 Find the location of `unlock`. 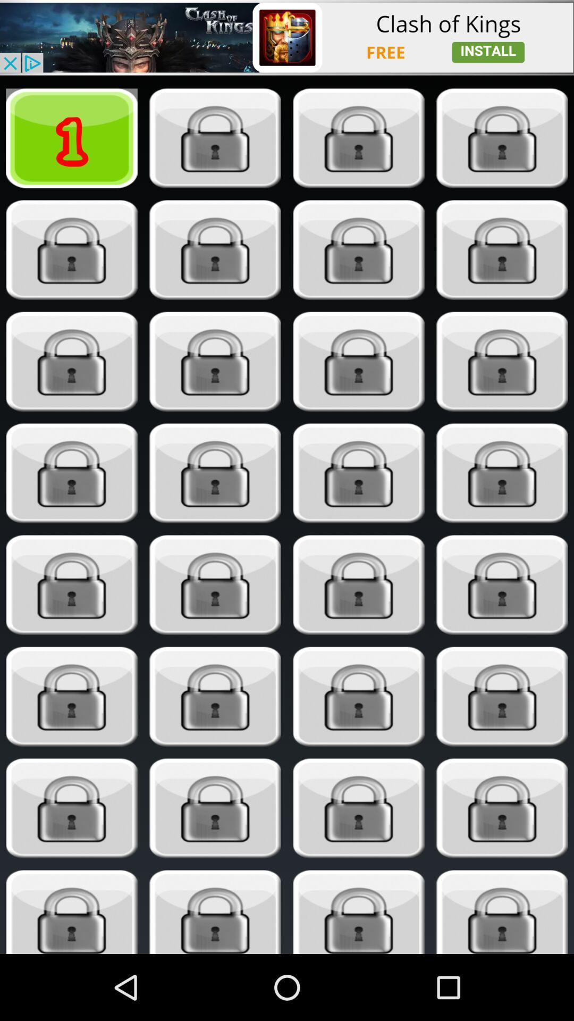

unlock is located at coordinates (359, 584).